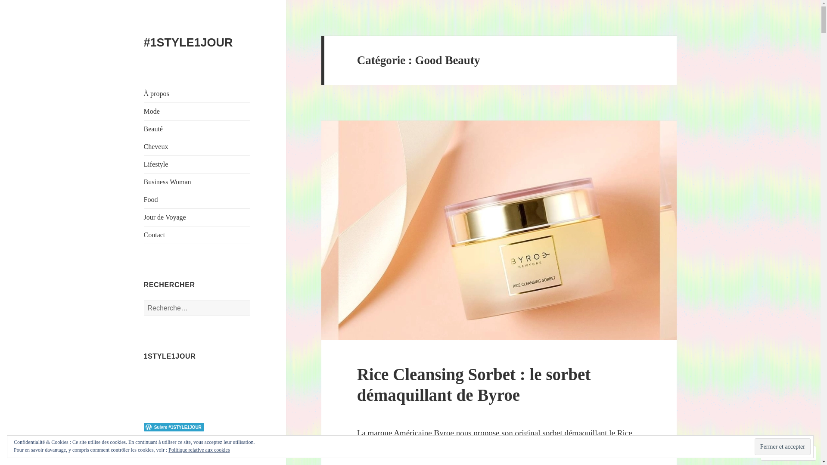  What do you see at coordinates (196, 164) in the screenshot?
I see `'Lifestyle'` at bounding box center [196, 164].